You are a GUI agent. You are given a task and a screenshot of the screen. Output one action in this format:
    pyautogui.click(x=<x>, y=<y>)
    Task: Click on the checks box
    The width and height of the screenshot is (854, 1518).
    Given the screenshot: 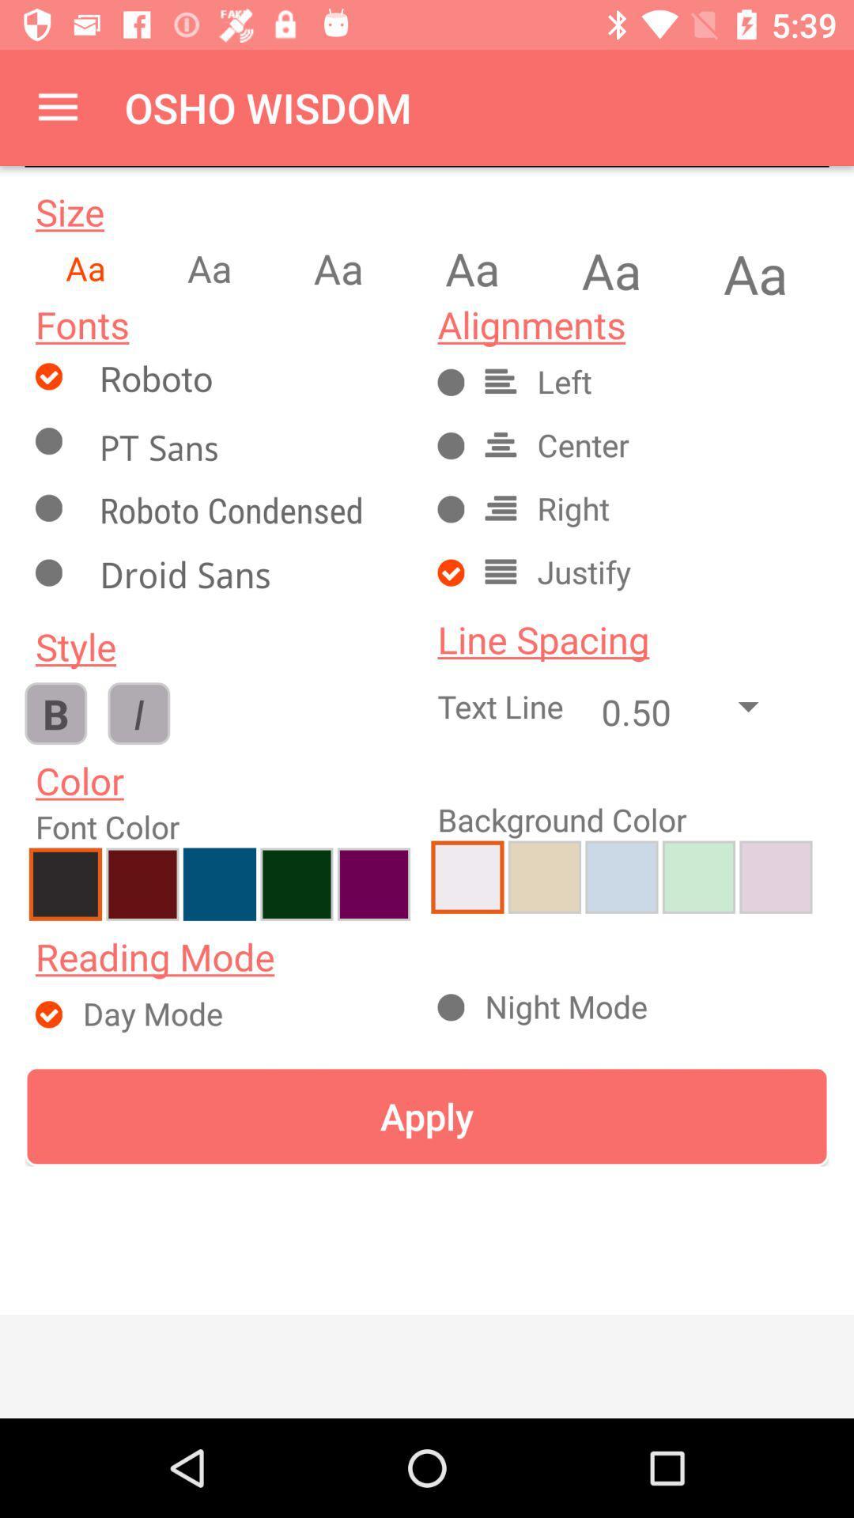 What is the action you would take?
    pyautogui.click(x=249, y=447)
    